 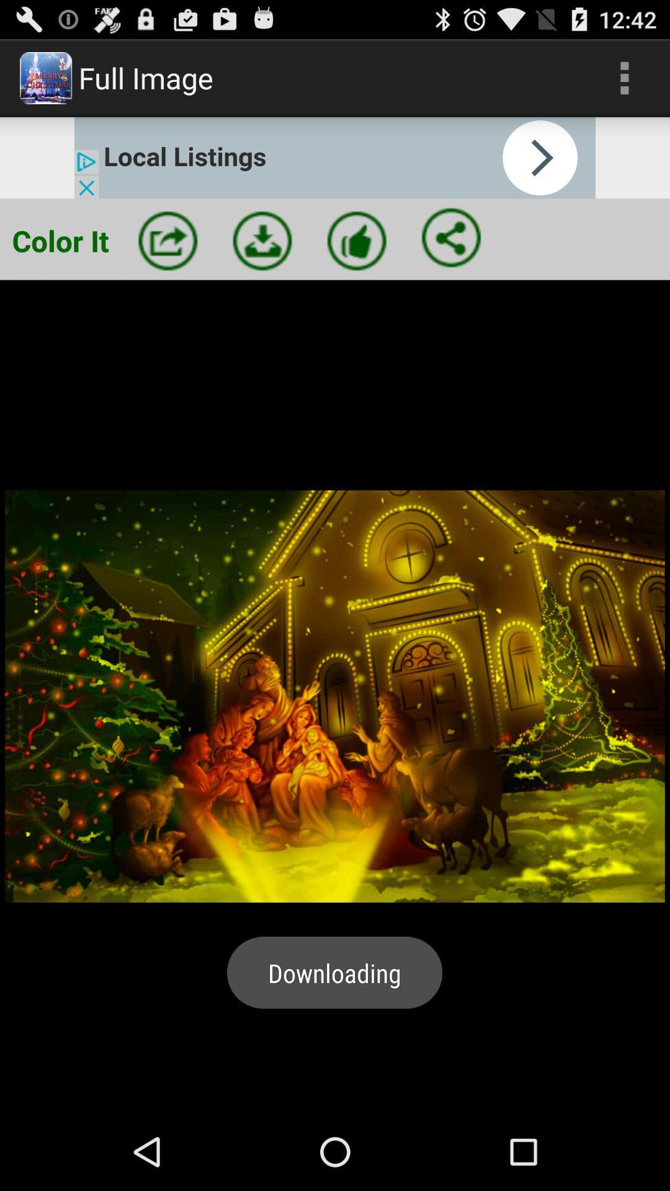 I want to click on the thumbs_up icon, so click(x=357, y=257).